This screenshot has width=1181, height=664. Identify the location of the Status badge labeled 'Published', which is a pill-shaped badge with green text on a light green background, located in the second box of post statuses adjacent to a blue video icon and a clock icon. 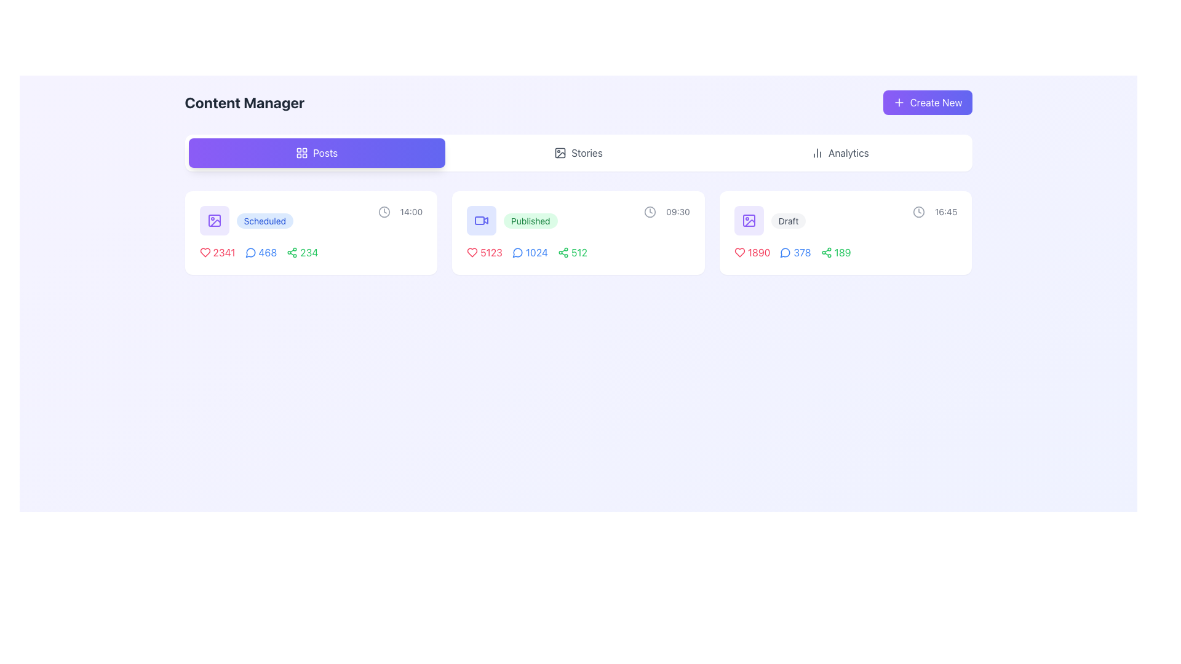
(512, 219).